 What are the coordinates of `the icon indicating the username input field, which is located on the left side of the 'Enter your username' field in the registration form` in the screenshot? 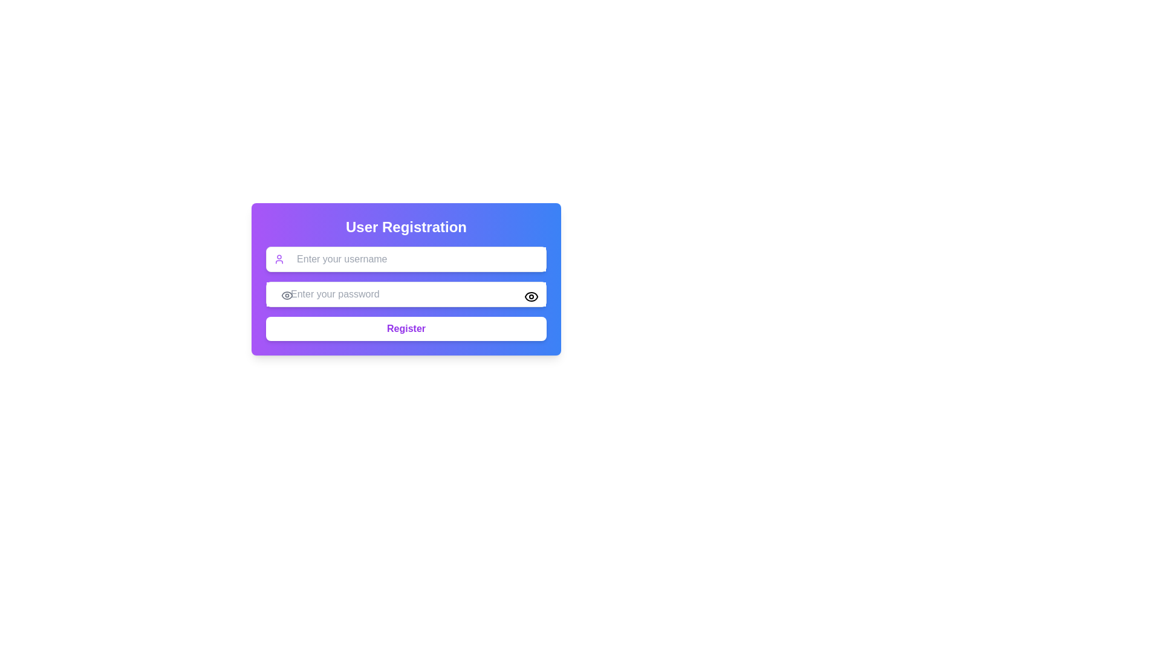 It's located at (279, 258).